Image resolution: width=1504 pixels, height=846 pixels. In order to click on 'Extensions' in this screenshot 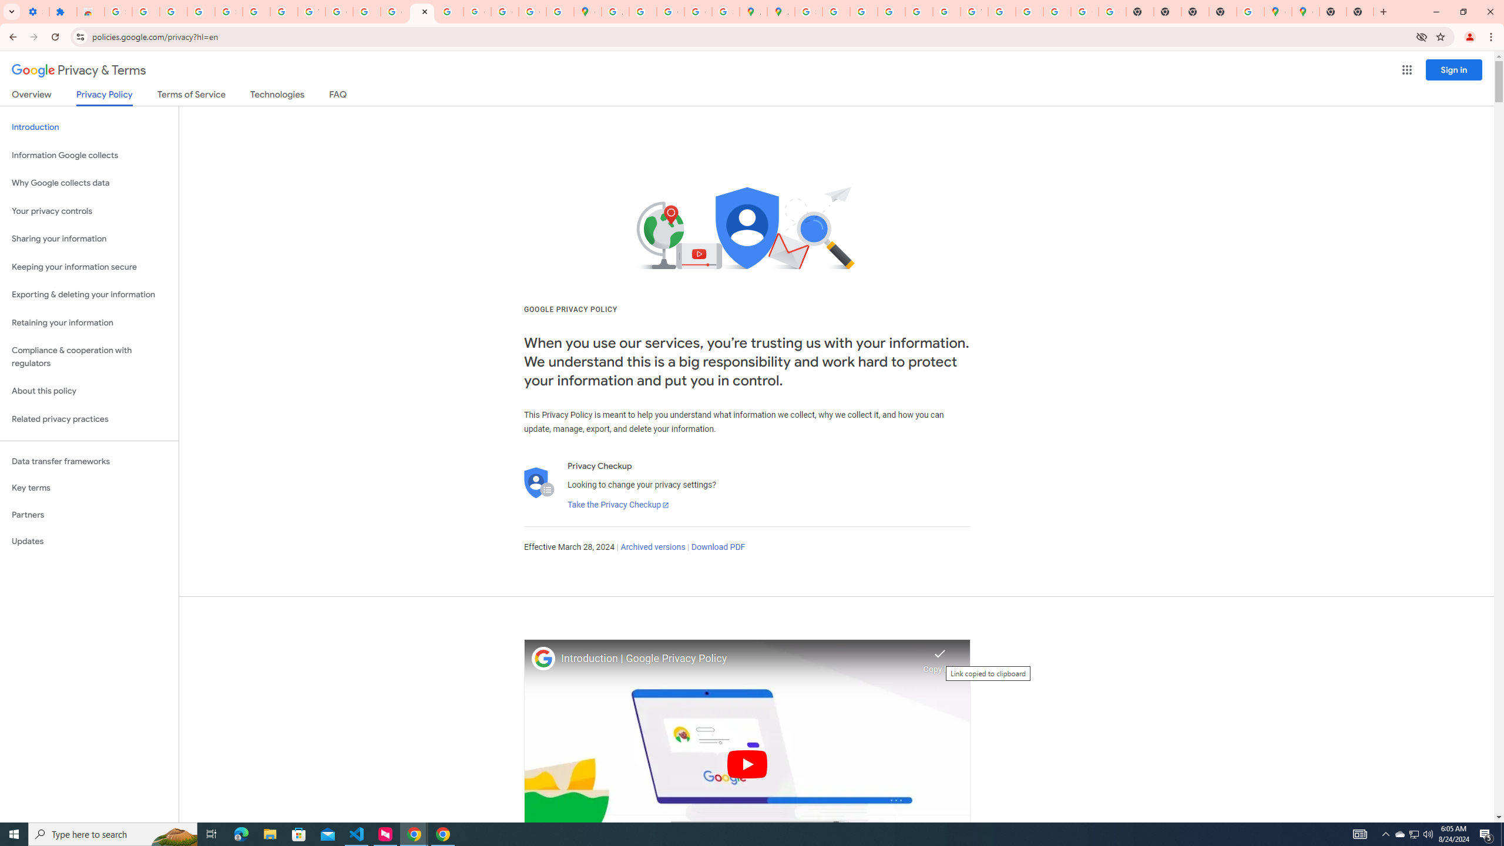, I will do `click(62, 11)`.